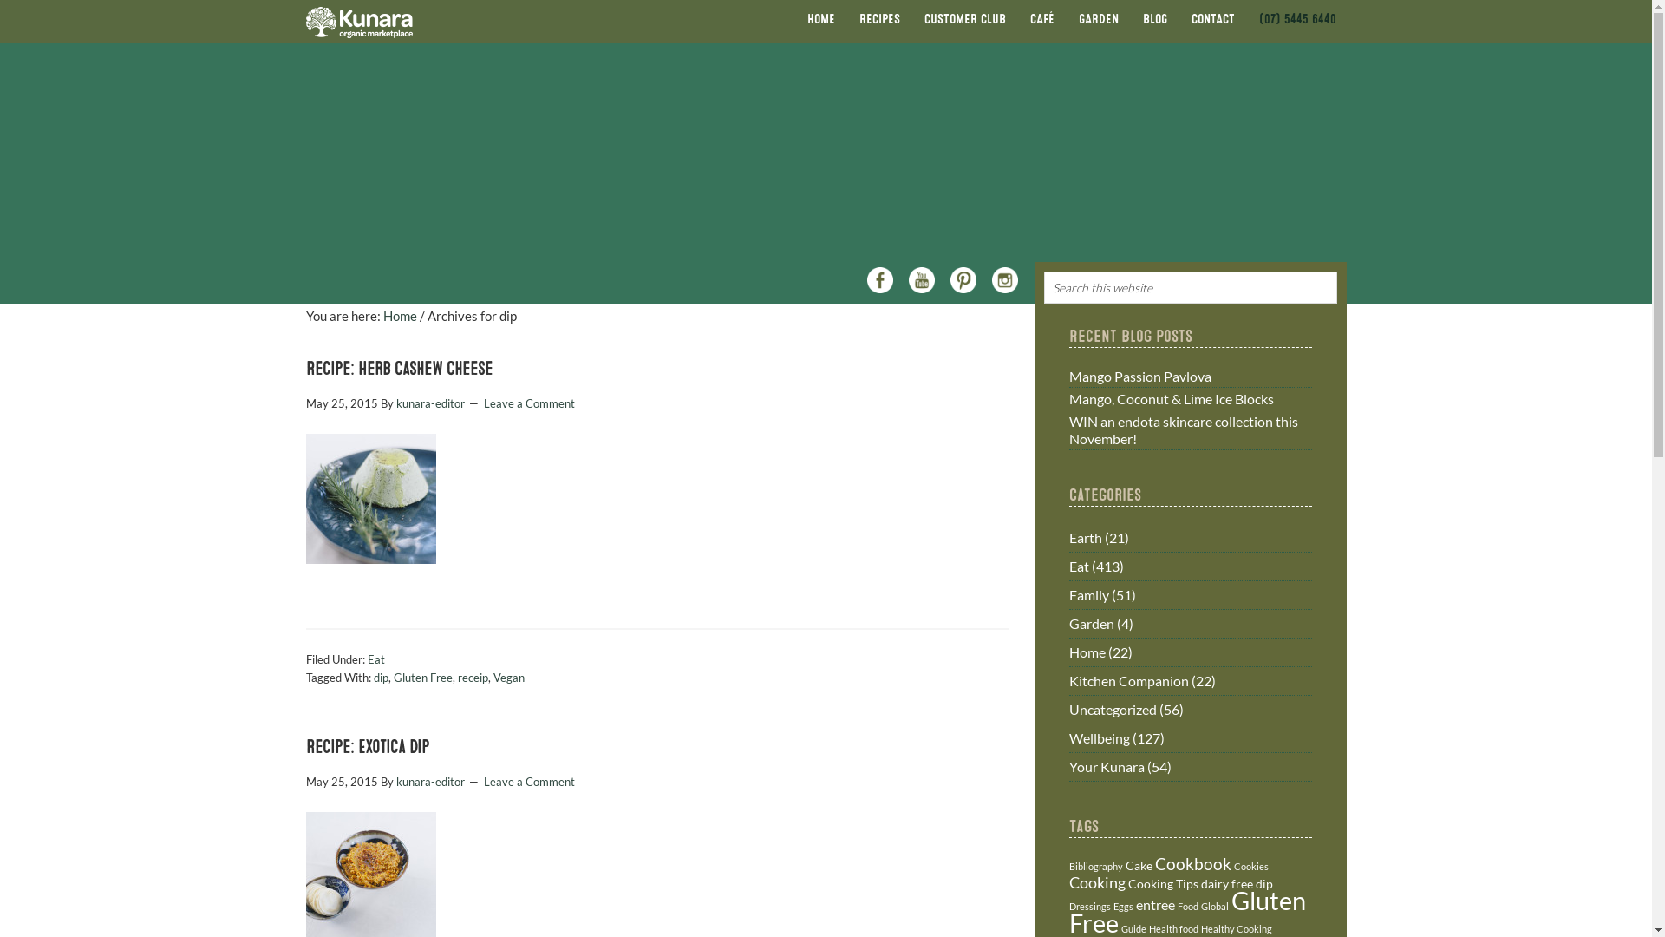  What do you see at coordinates (379, 676) in the screenshot?
I see `'dip'` at bounding box center [379, 676].